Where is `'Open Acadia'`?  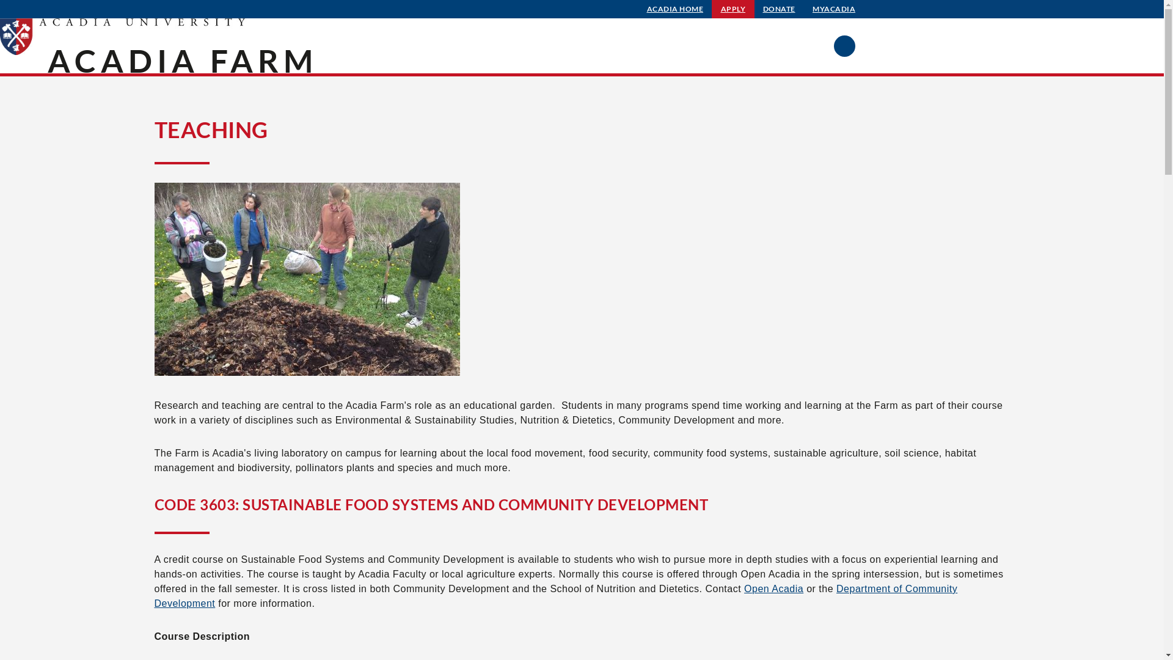
'Open Acadia' is located at coordinates (773, 588).